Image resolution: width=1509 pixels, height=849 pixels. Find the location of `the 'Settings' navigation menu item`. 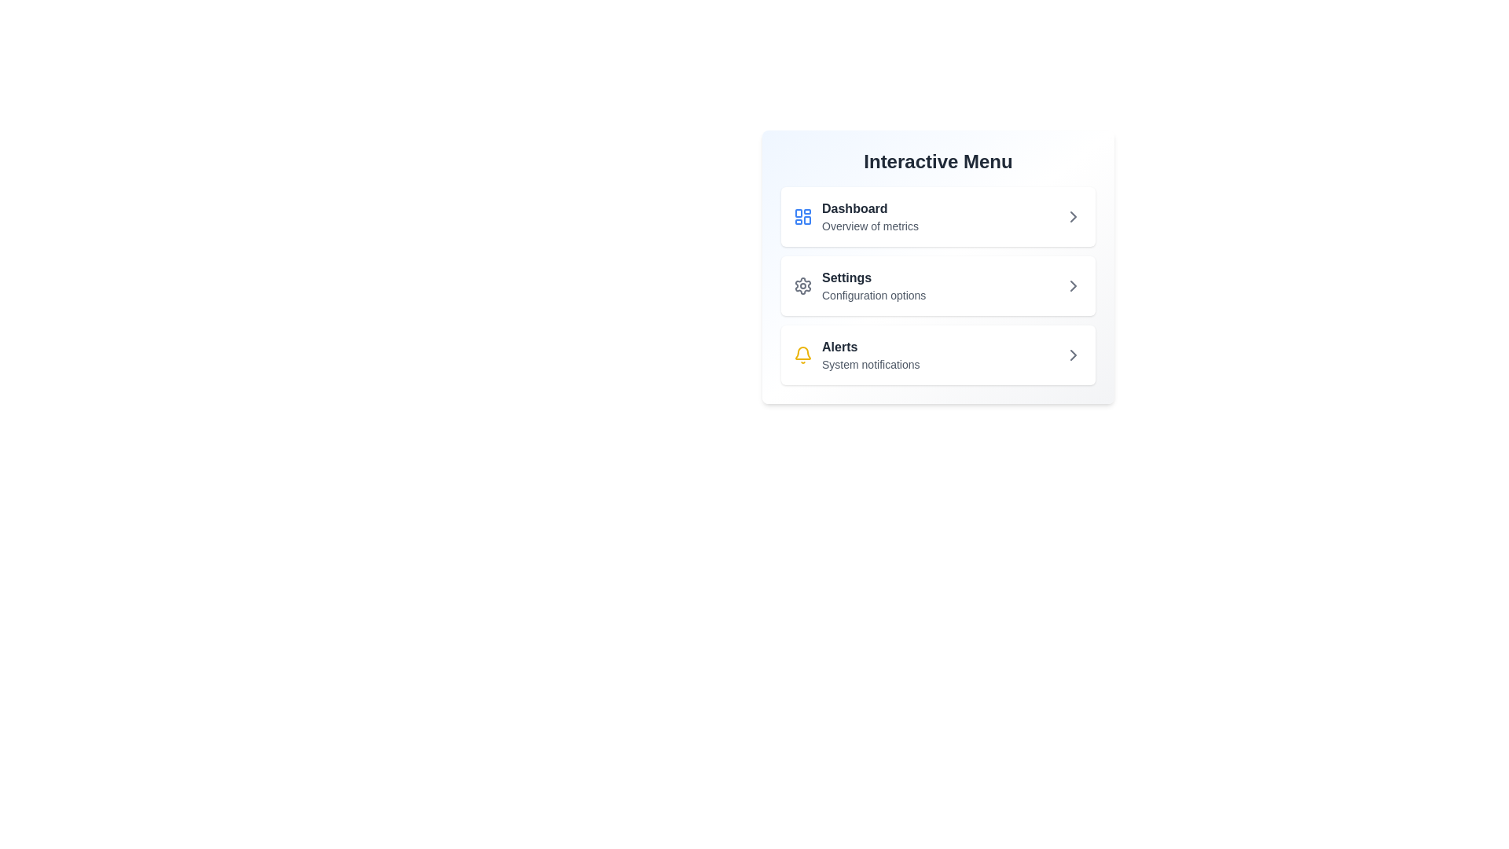

the 'Settings' navigation menu item is located at coordinates (938, 285).